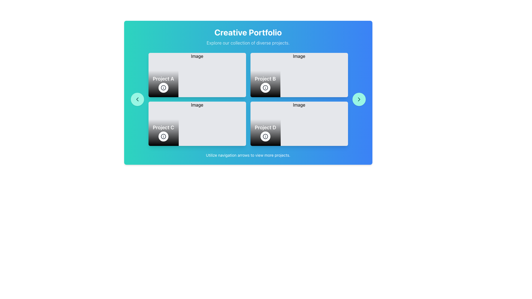  What do you see at coordinates (265, 87) in the screenshot?
I see `the circular button with a white background and dark outline located` at bounding box center [265, 87].